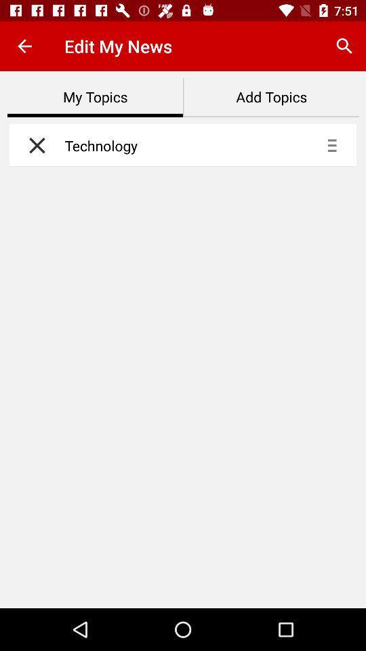 This screenshot has width=366, height=651. Describe the element at coordinates (271, 97) in the screenshot. I see `the item to the right of the my topics item` at that location.